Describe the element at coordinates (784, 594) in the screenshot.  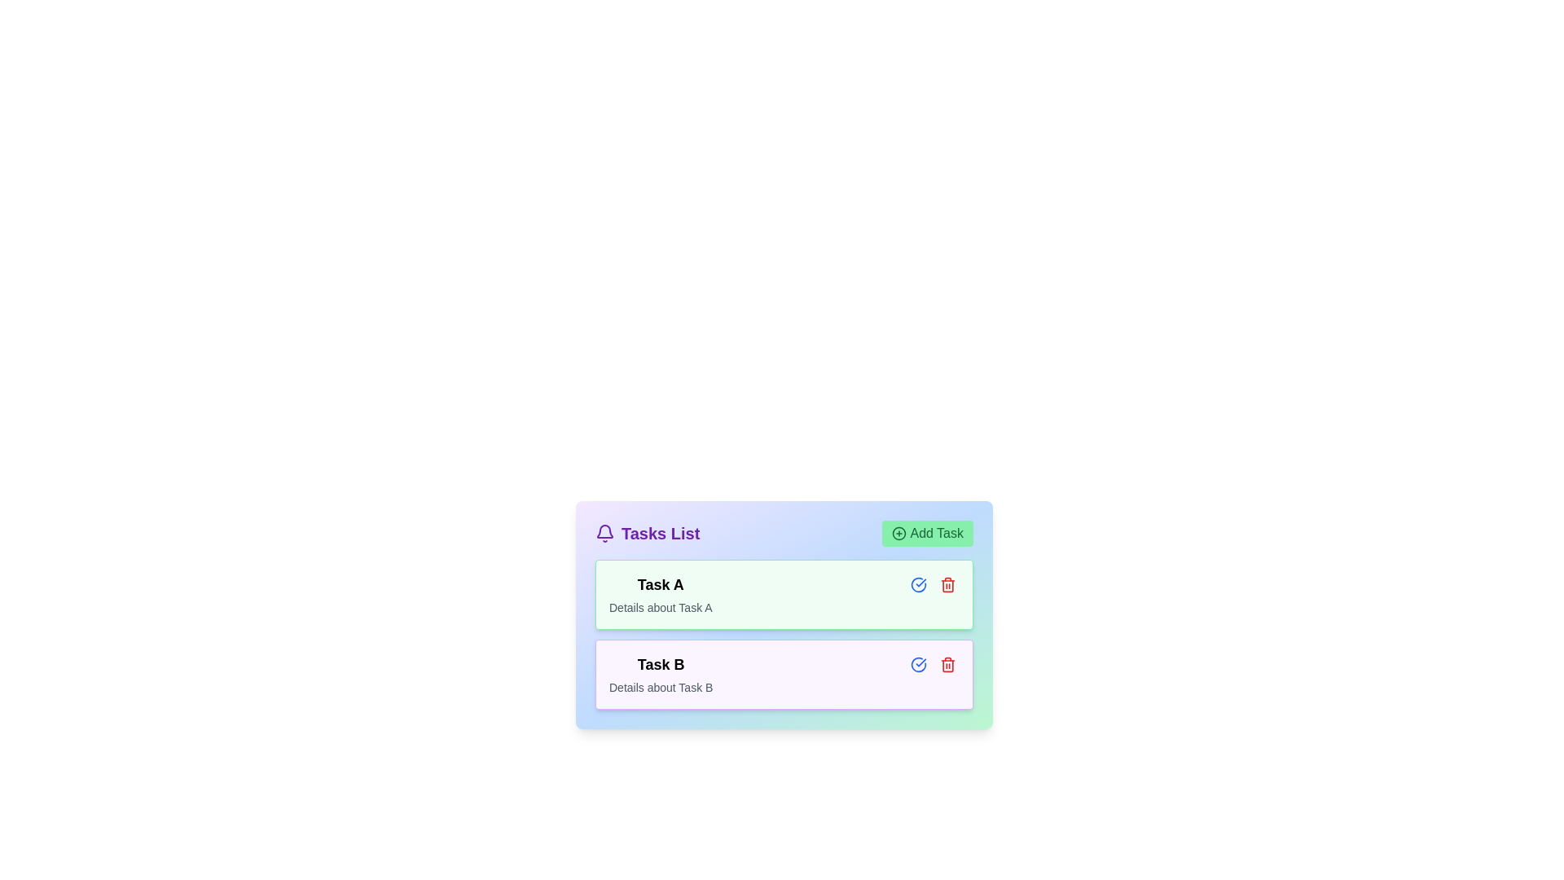
I see `the first task card in the task list, which displays information about the task and is located above the second task card titled 'Task B'` at that location.